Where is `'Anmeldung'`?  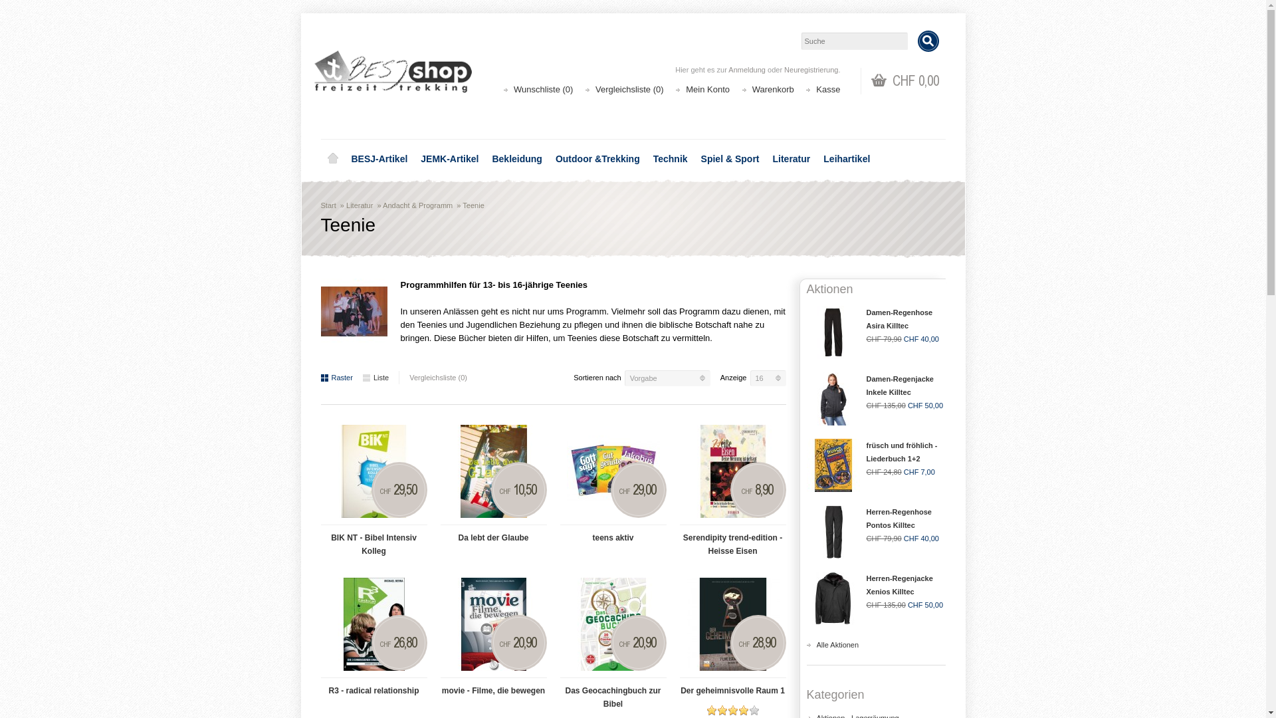 'Anmeldung' is located at coordinates (727, 69).